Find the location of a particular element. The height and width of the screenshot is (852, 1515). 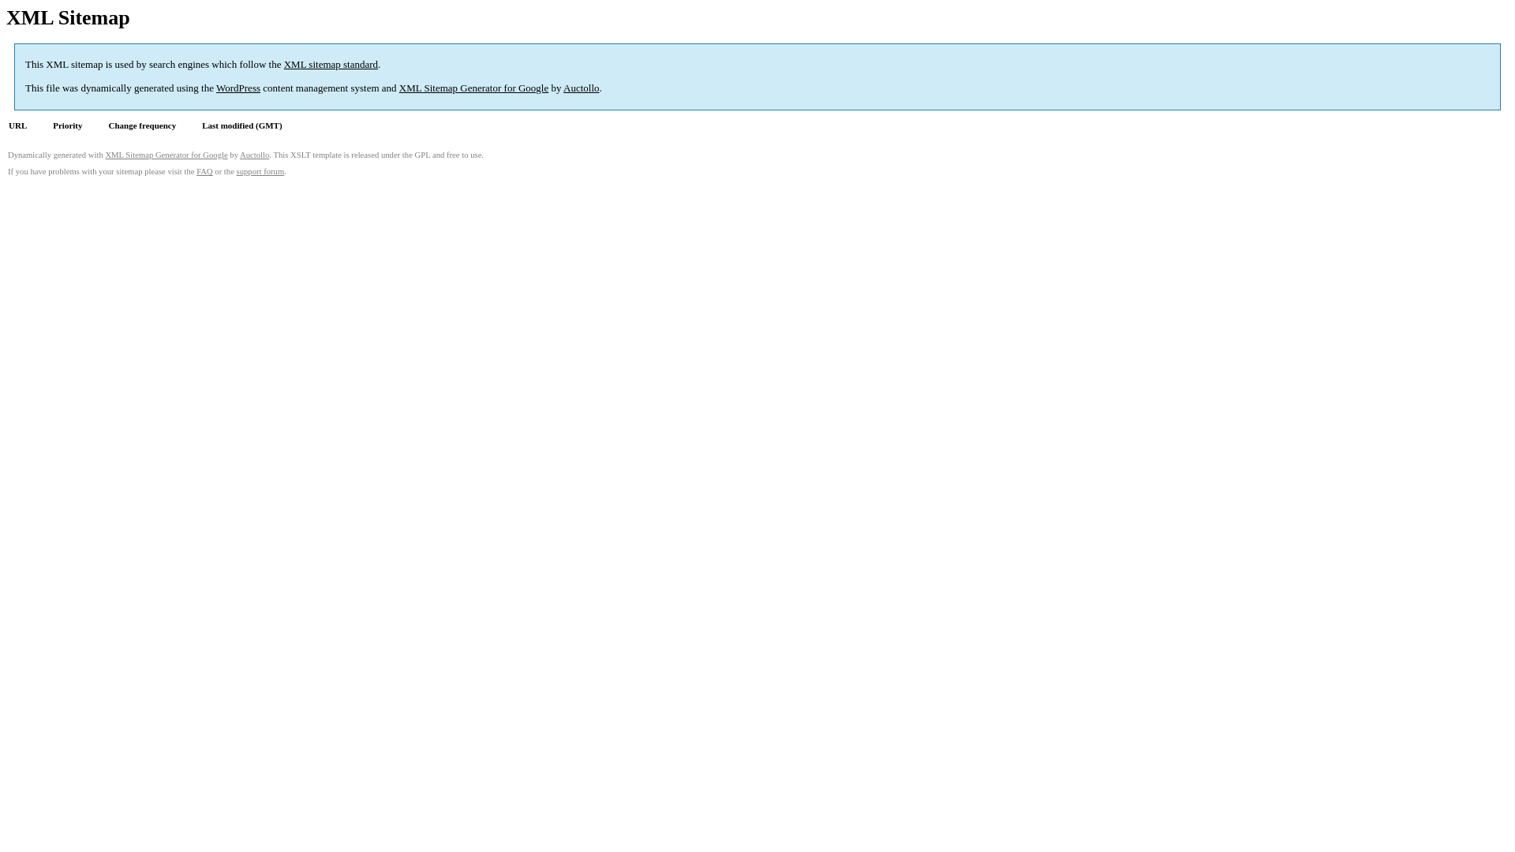

'XML Sitemap Generator for Google' is located at coordinates (166, 155).